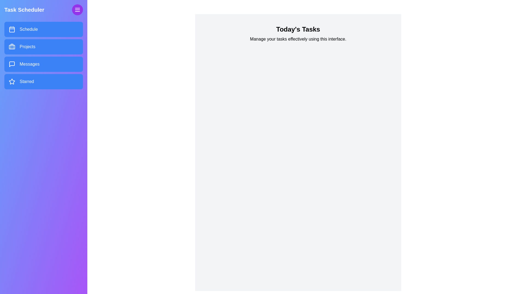 This screenshot has width=524, height=294. Describe the element at coordinates (43, 29) in the screenshot. I see `the menu item labeled Schedule in the drawer` at that location.